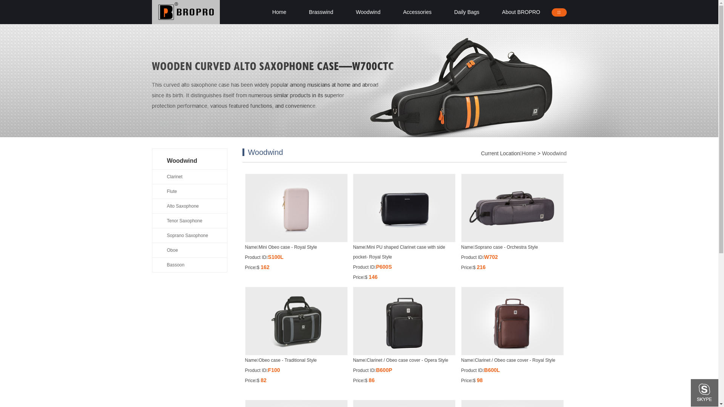 This screenshot has width=724, height=407. What do you see at coordinates (151, 206) in the screenshot?
I see `'Alto Saxophone'` at bounding box center [151, 206].